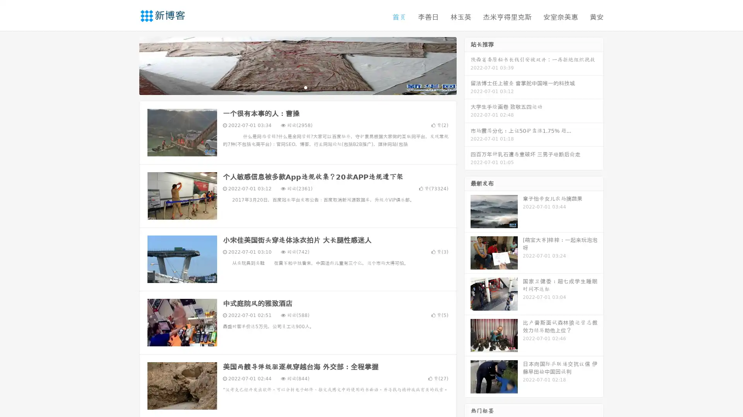 The width and height of the screenshot is (743, 417). I want to click on Go to slide 2, so click(297, 87).